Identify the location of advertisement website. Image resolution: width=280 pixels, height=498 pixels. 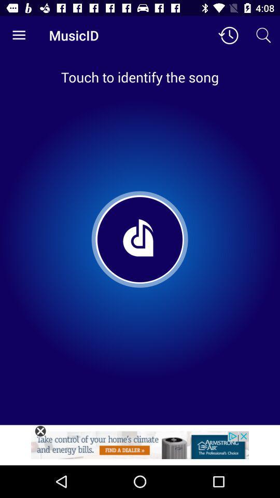
(140, 448).